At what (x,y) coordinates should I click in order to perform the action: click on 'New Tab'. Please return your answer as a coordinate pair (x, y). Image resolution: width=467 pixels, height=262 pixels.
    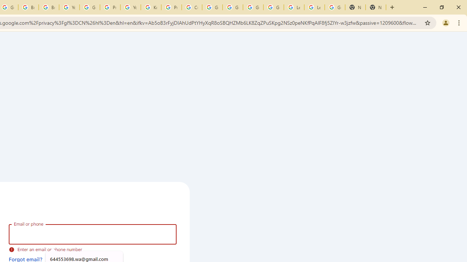
    Looking at the image, I should click on (376, 7).